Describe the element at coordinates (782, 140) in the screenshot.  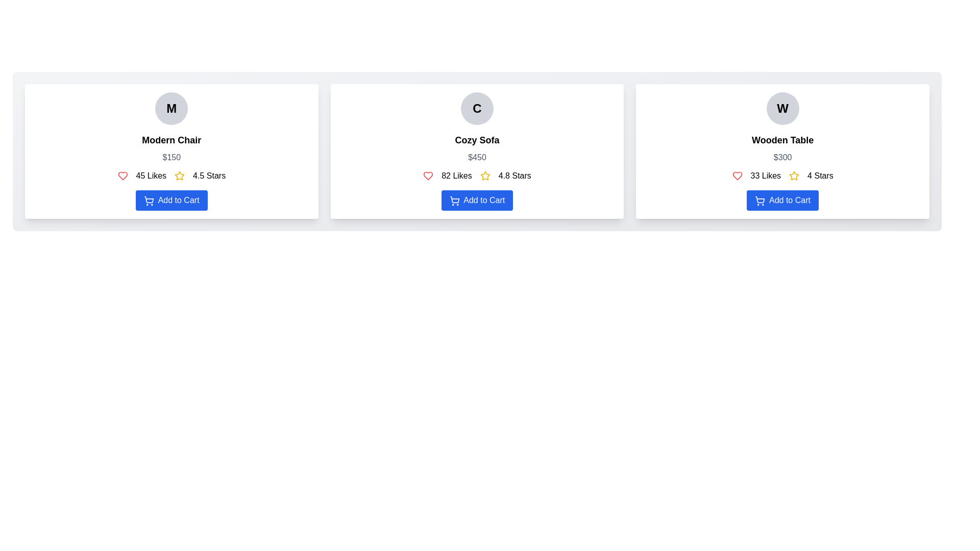
I see `text label 'Wooden Table' which is styled in bold and is located below a circular icon with the letter 'W' and above the price '$300' within the rightmost product card` at that location.